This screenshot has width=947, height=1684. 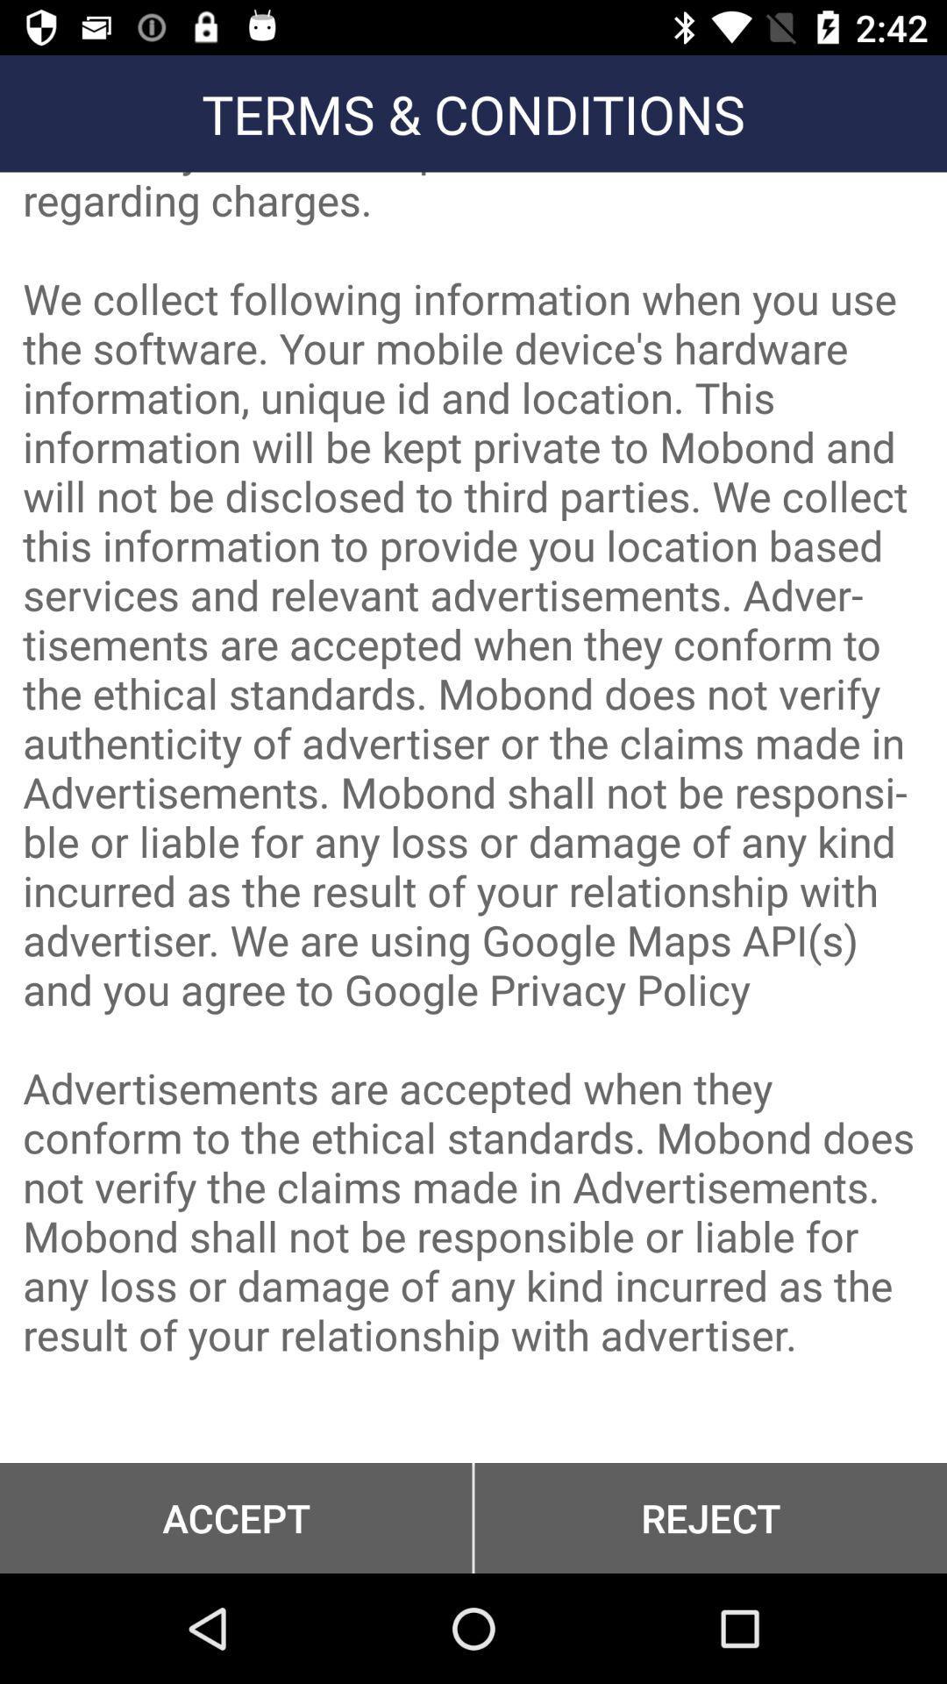 I want to click on the reject button, so click(x=710, y=1517).